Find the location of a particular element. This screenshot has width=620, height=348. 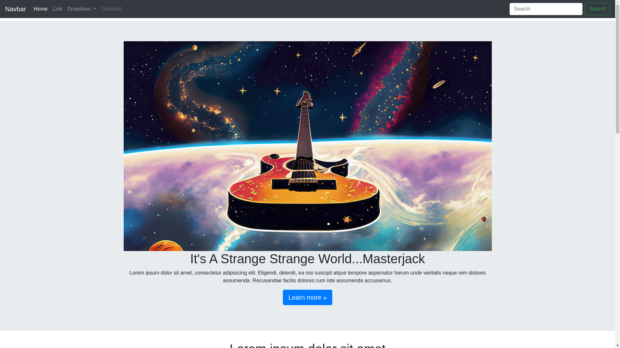

'Link' is located at coordinates (57, 9).